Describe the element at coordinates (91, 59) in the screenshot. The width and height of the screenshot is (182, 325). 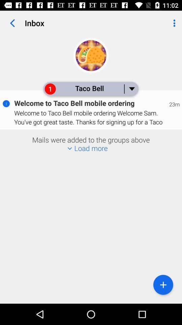
I see `the avatar icon` at that location.